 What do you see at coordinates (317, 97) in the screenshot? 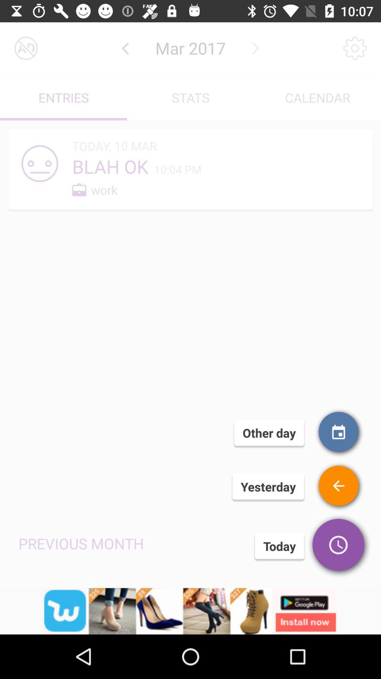
I see `option right to stats` at bounding box center [317, 97].